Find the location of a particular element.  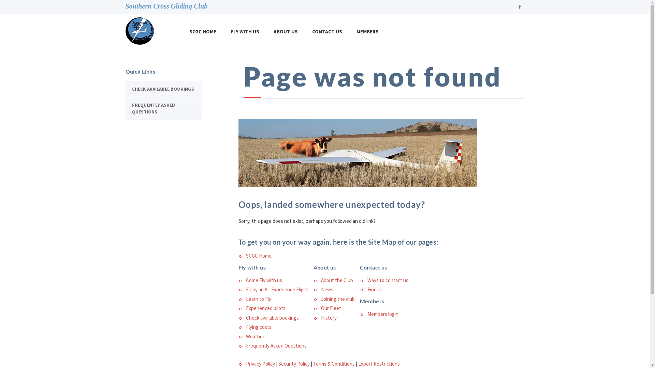

'SCGC Home' is located at coordinates (258, 256).